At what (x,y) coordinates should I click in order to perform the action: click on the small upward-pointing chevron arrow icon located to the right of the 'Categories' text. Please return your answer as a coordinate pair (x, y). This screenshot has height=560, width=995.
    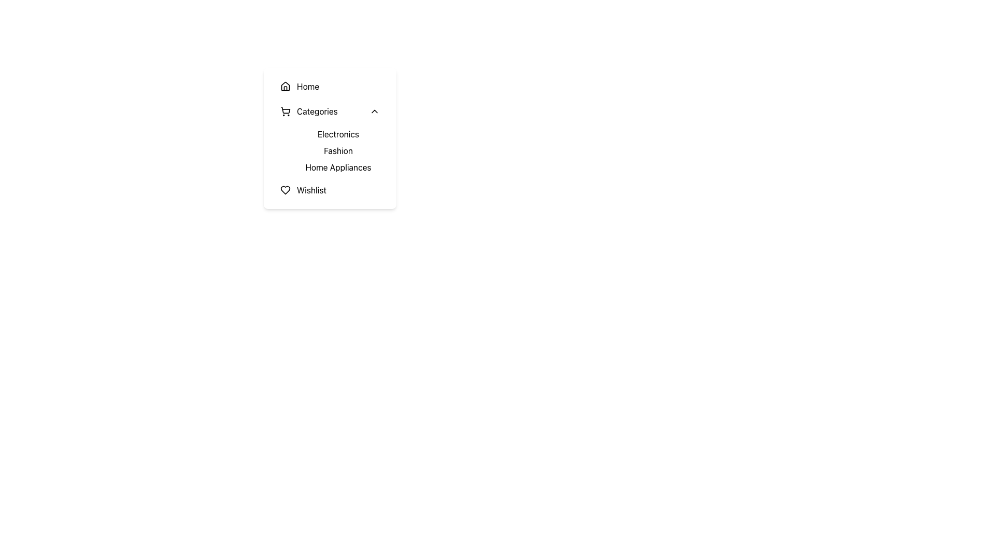
    Looking at the image, I should click on (374, 111).